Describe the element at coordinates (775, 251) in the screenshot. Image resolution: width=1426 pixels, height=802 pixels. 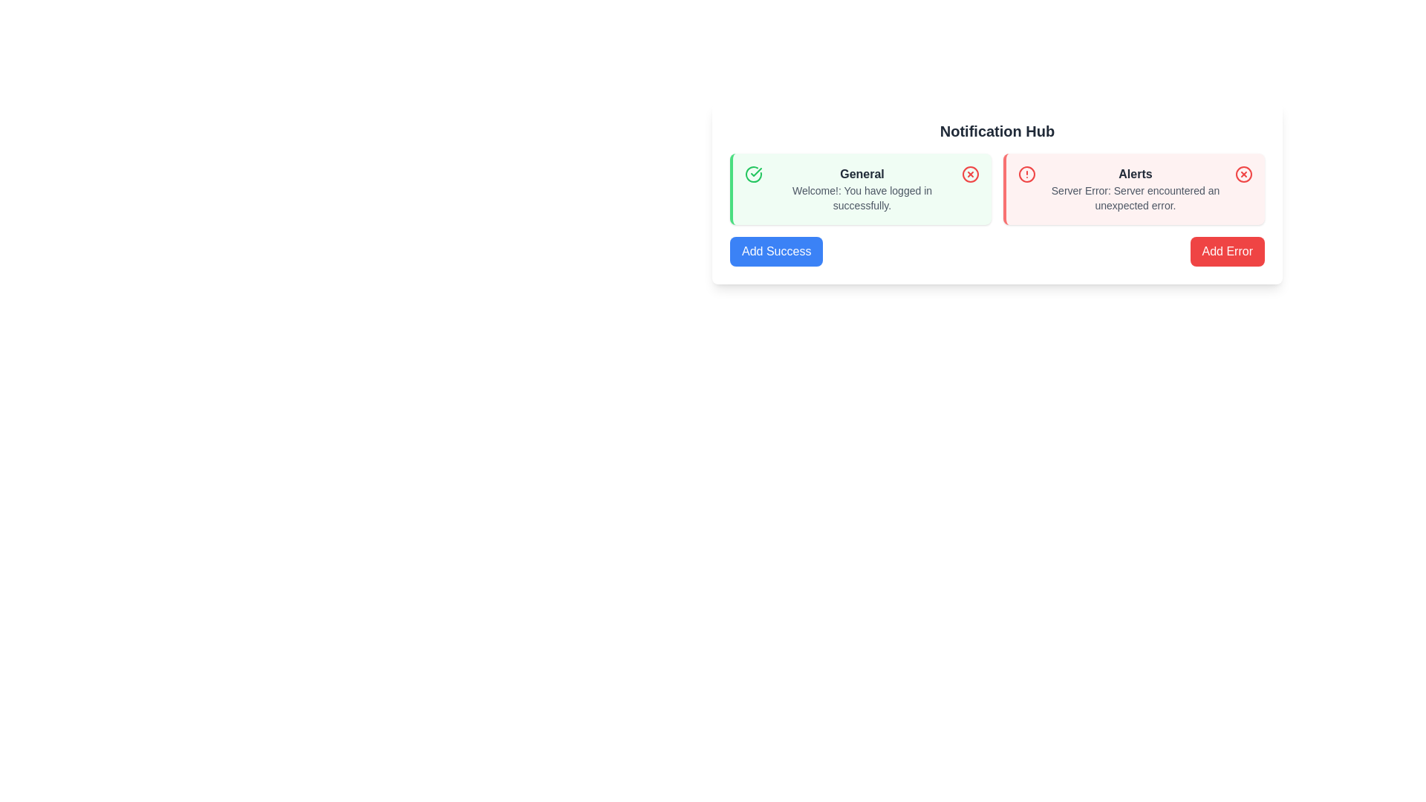
I see `the blue button labeled 'Add Success' located at the bottom-left corner of the 'Notification Hub' section` at that location.